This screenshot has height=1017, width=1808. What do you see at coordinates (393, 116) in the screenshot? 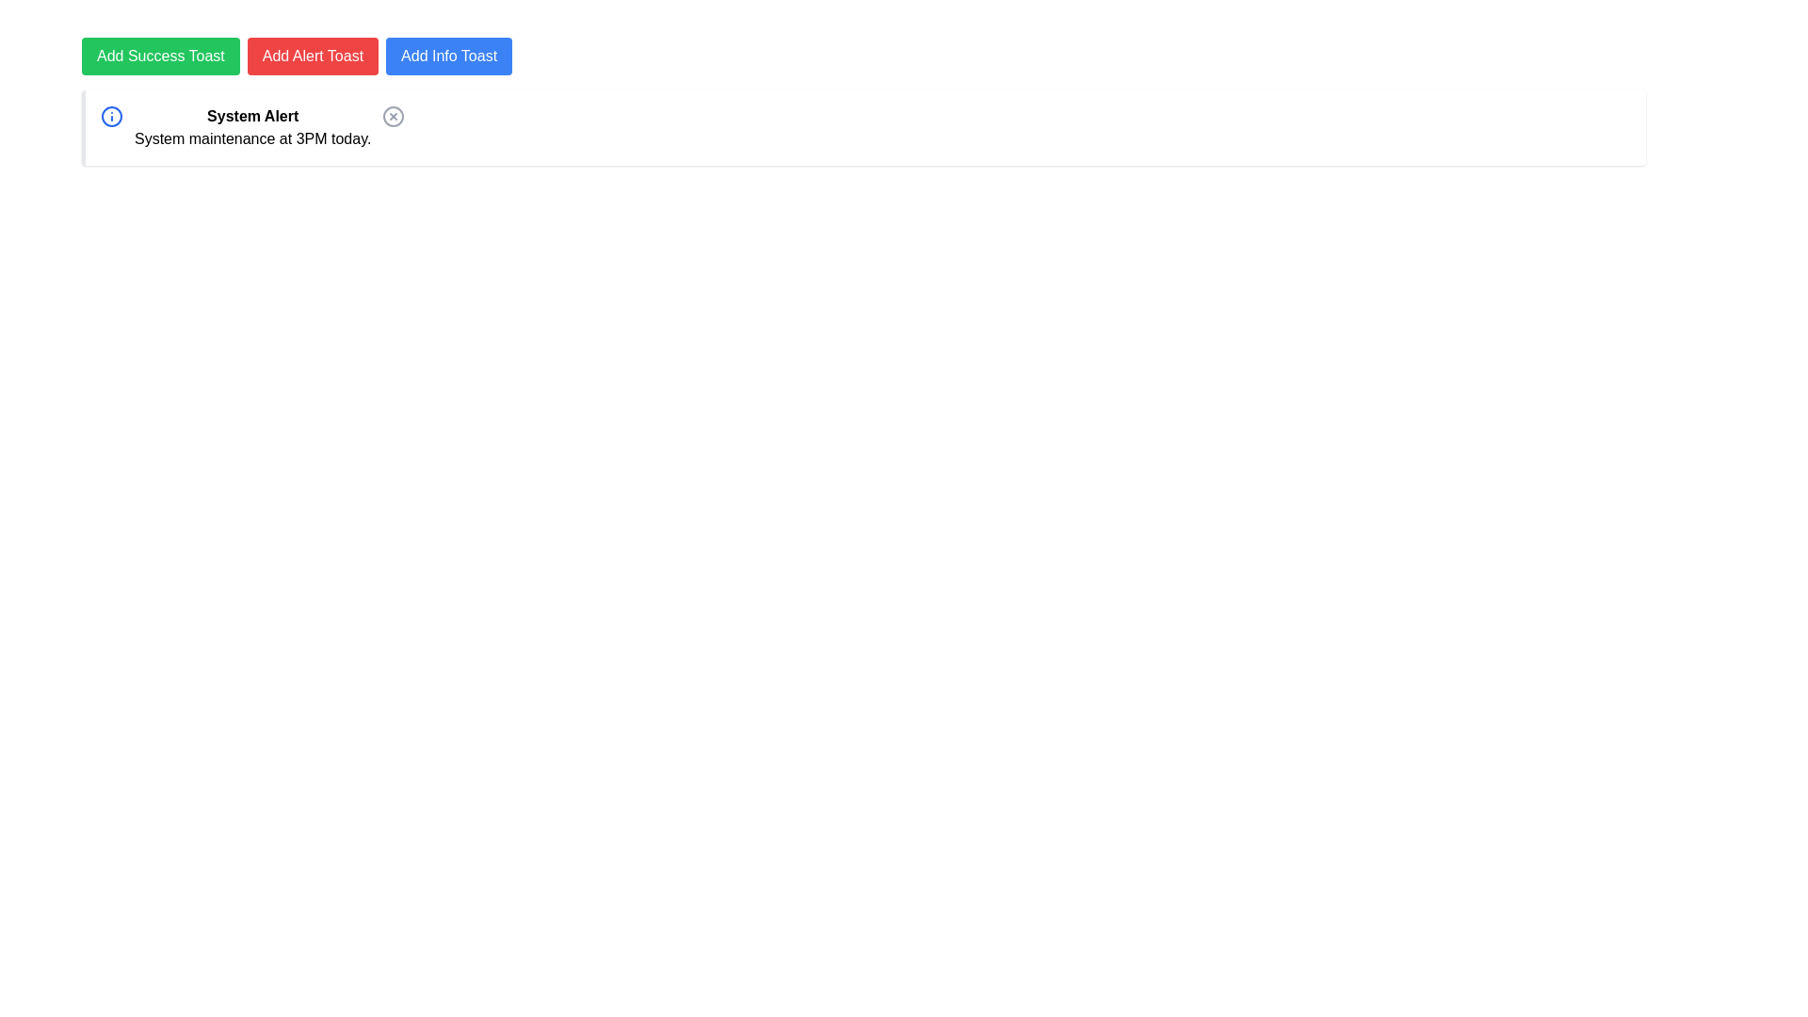
I see `the dismiss button with an 'X' icon located in the 'System Alert' notification box` at bounding box center [393, 116].